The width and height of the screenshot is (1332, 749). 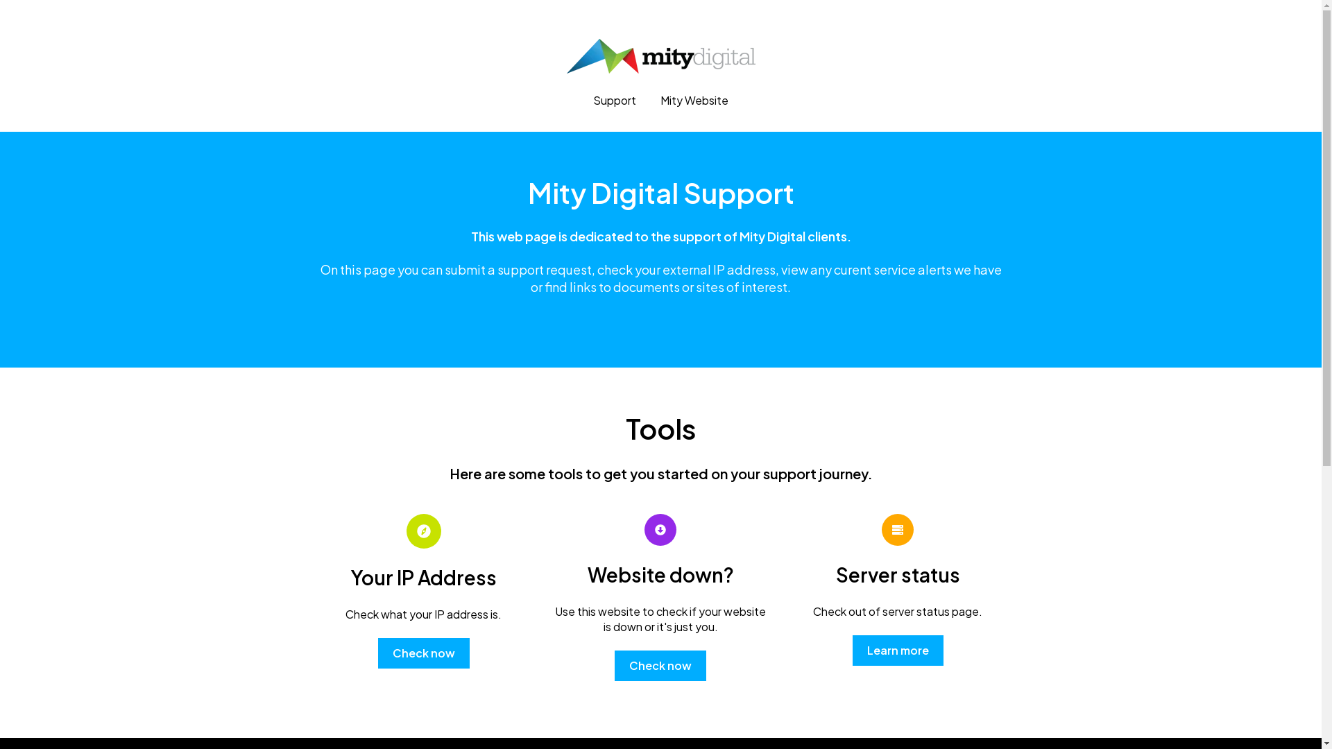 I want to click on 'Check now', so click(x=422, y=653).